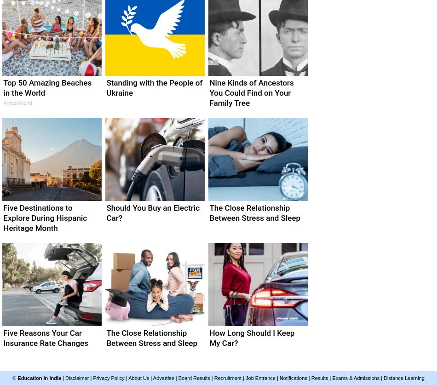 The width and height of the screenshot is (437, 385). I want to click on 'Exams & Admissions', so click(332, 378).